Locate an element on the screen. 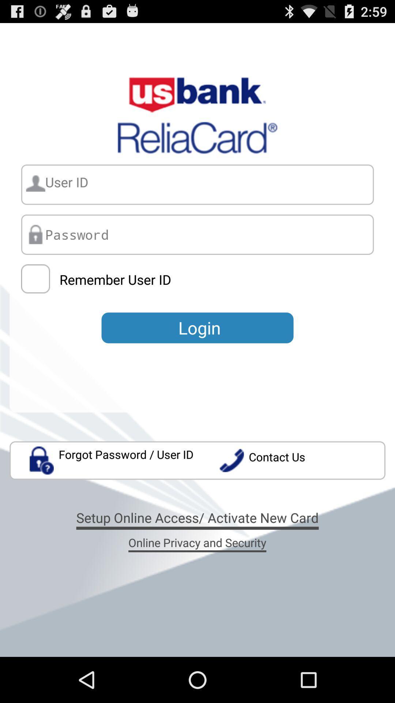  the item next to the remember user id app is located at coordinates (35, 278).